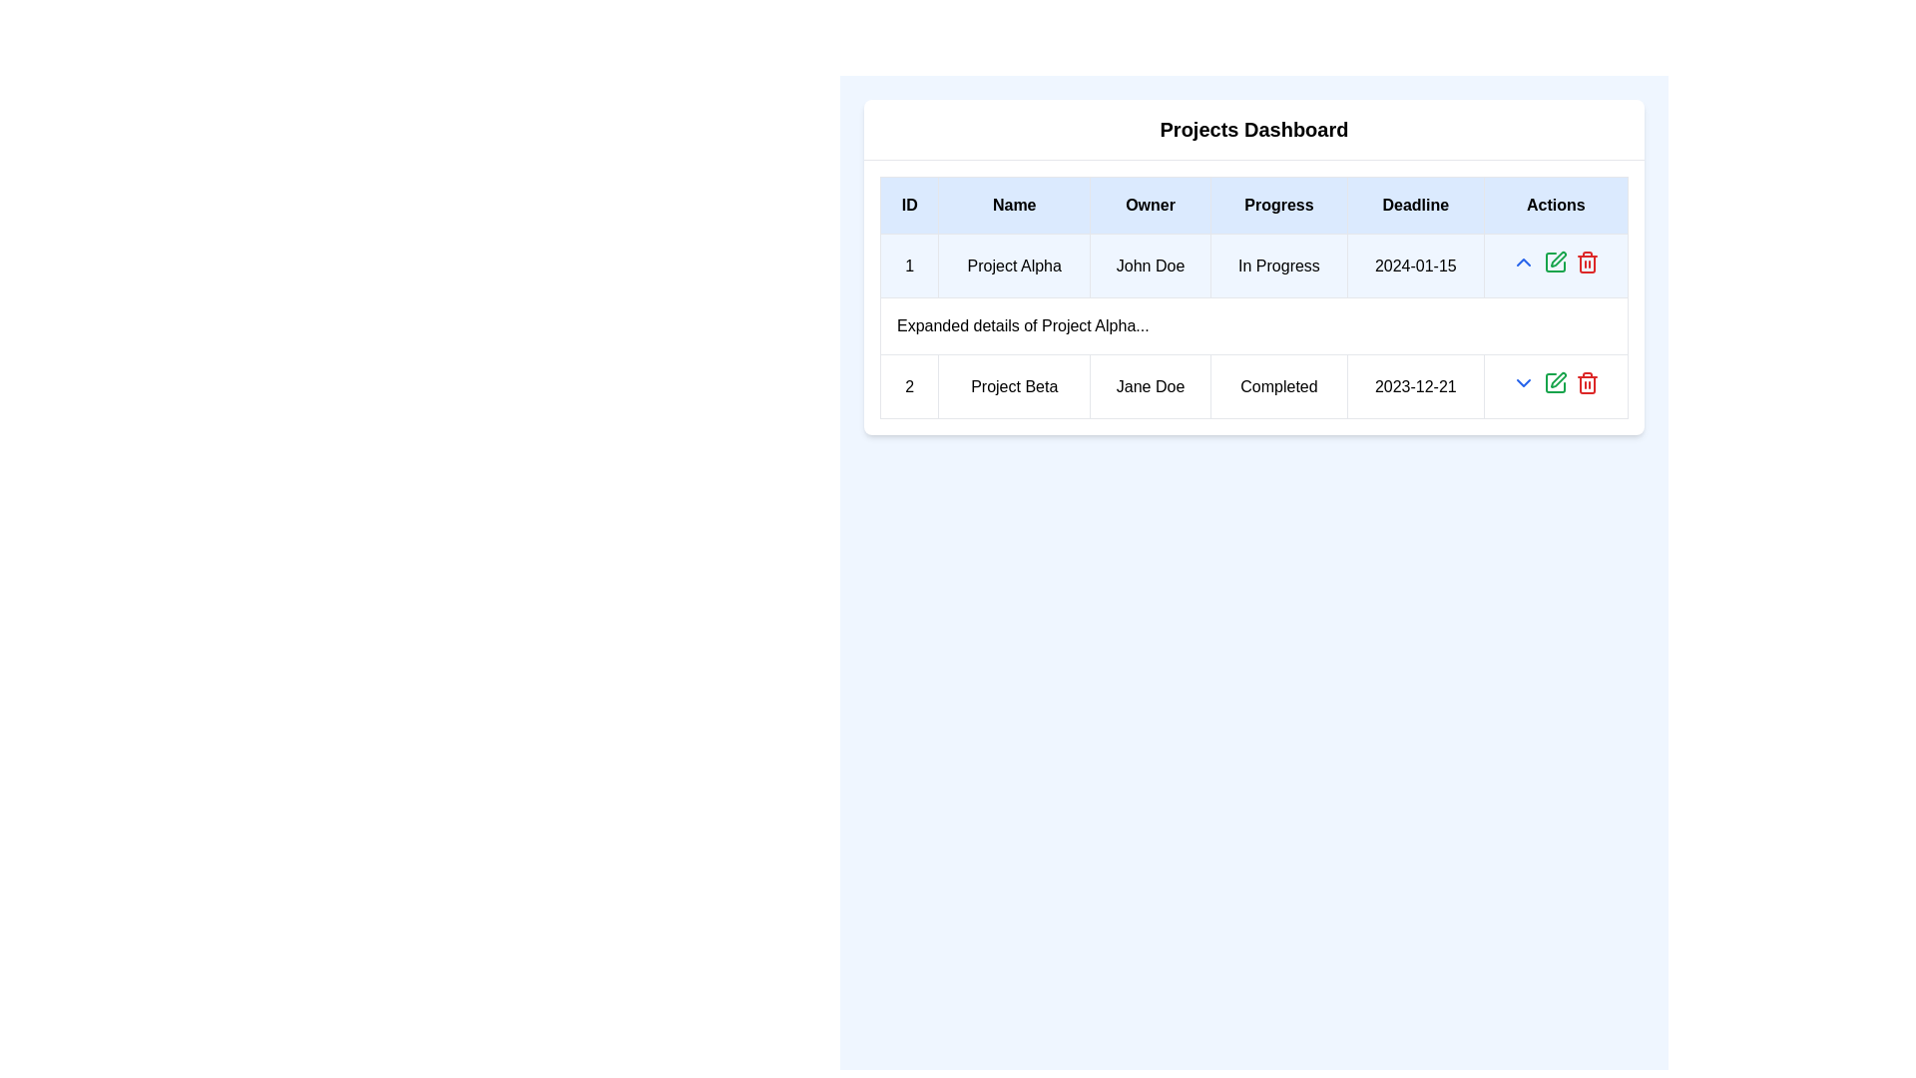 Image resolution: width=1916 pixels, height=1078 pixels. I want to click on the table header row with a light blue background containing the labels 'ID', 'Name', 'Owner', 'Progress', 'Deadline', and 'Actions', so click(1253, 205).